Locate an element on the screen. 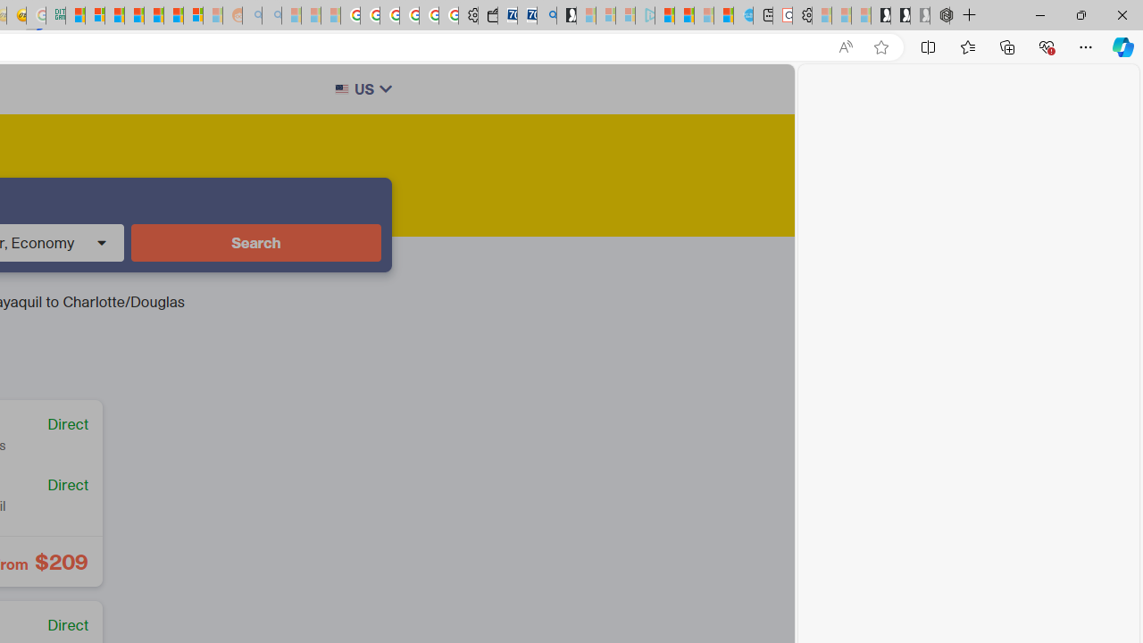 This screenshot has height=643, width=1143. 'Play Free Online Games | Games from Microsoft Start' is located at coordinates (880, 15).